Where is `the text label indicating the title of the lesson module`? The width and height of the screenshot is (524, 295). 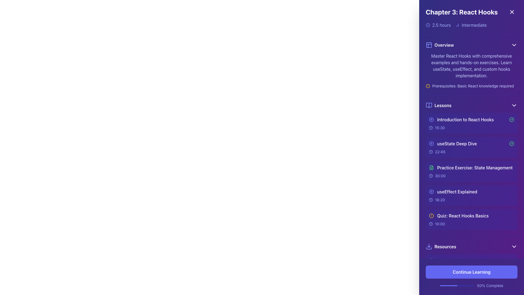 the text label indicating the title of the lesson module is located at coordinates (465, 119).